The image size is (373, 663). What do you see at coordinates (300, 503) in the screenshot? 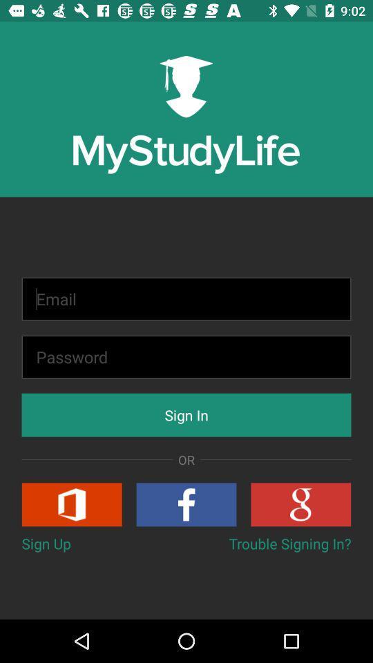
I see `sign in with google` at bounding box center [300, 503].